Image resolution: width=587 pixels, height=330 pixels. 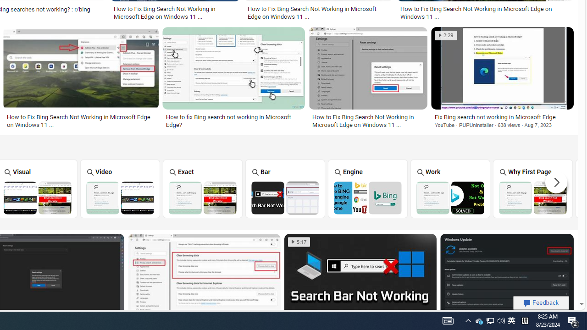 I want to click on 'Bing Visual Search Not Working', so click(x=37, y=197).